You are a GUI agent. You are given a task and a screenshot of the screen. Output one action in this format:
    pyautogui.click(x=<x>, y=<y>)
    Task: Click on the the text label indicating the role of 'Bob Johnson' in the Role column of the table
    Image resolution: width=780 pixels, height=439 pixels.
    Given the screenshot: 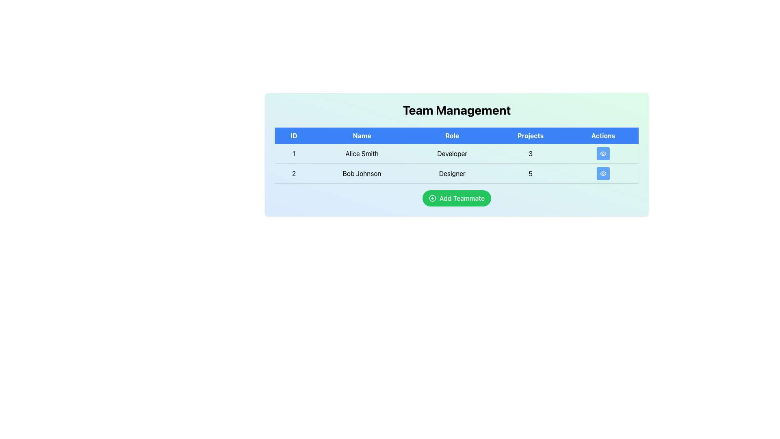 What is the action you would take?
    pyautogui.click(x=452, y=173)
    